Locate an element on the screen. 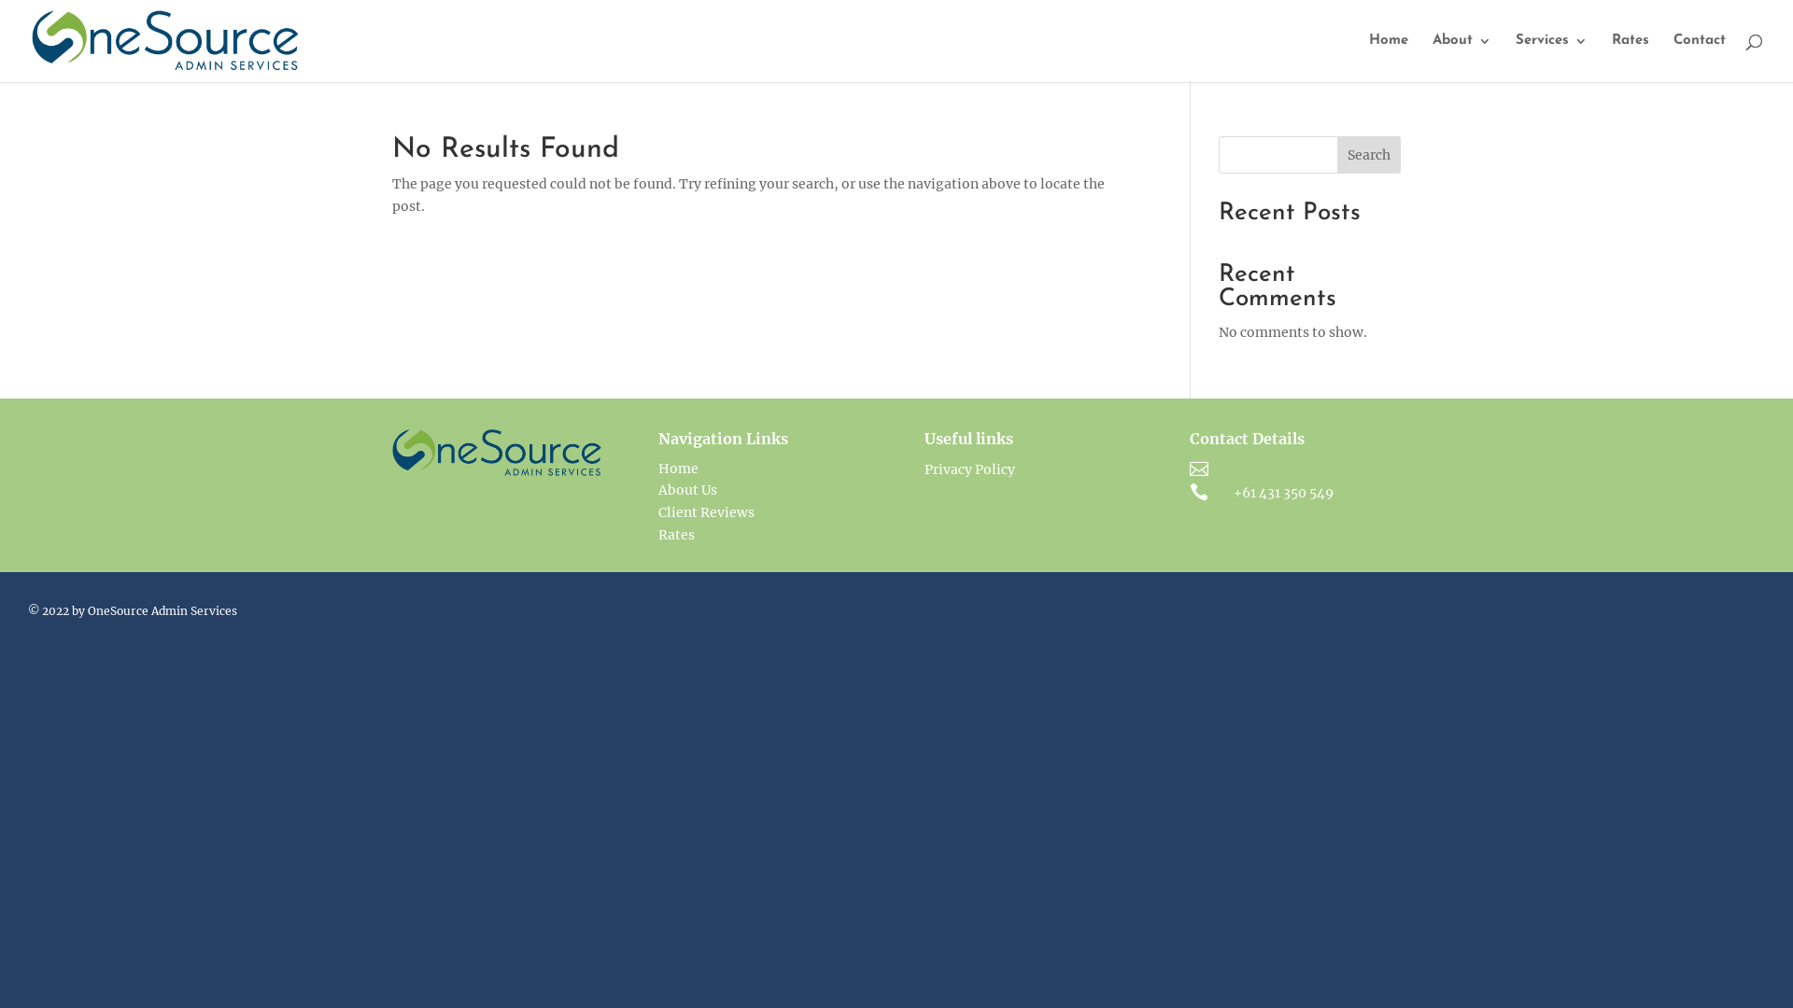  'Services' is located at coordinates (1551, 57).